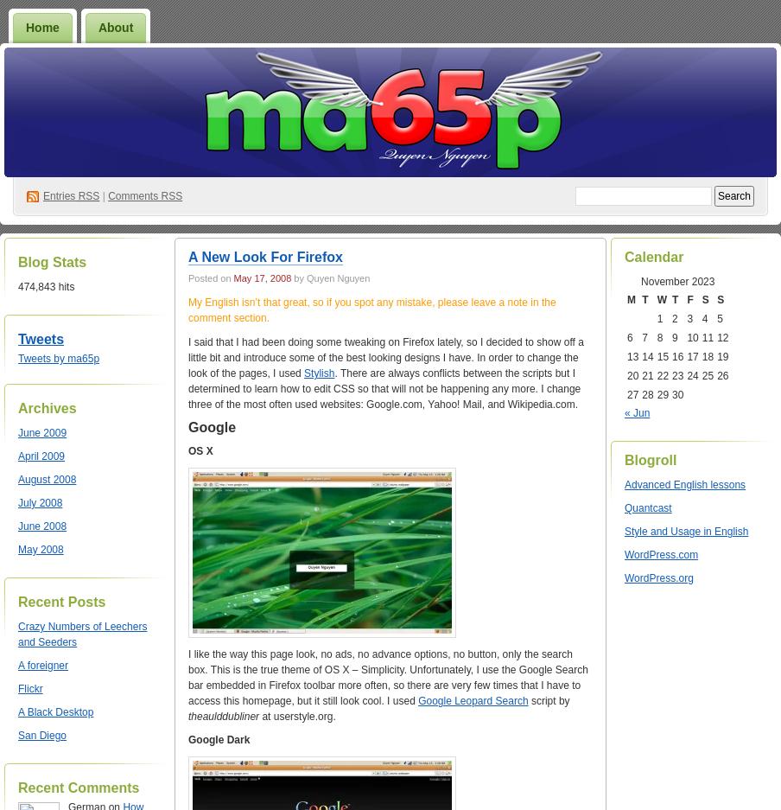  Describe the element at coordinates (685, 317) in the screenshot. I see `'3'` at that location.